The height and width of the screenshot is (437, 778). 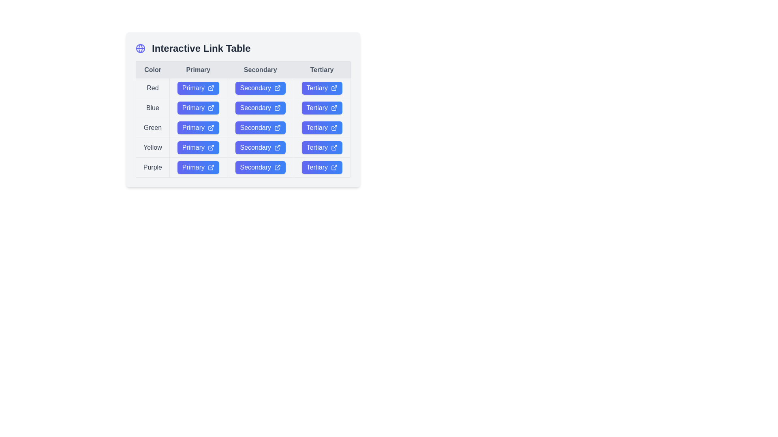 I want to click on the 'Primary' button in the 'Green' row of the table, so click(x=198, y=127).